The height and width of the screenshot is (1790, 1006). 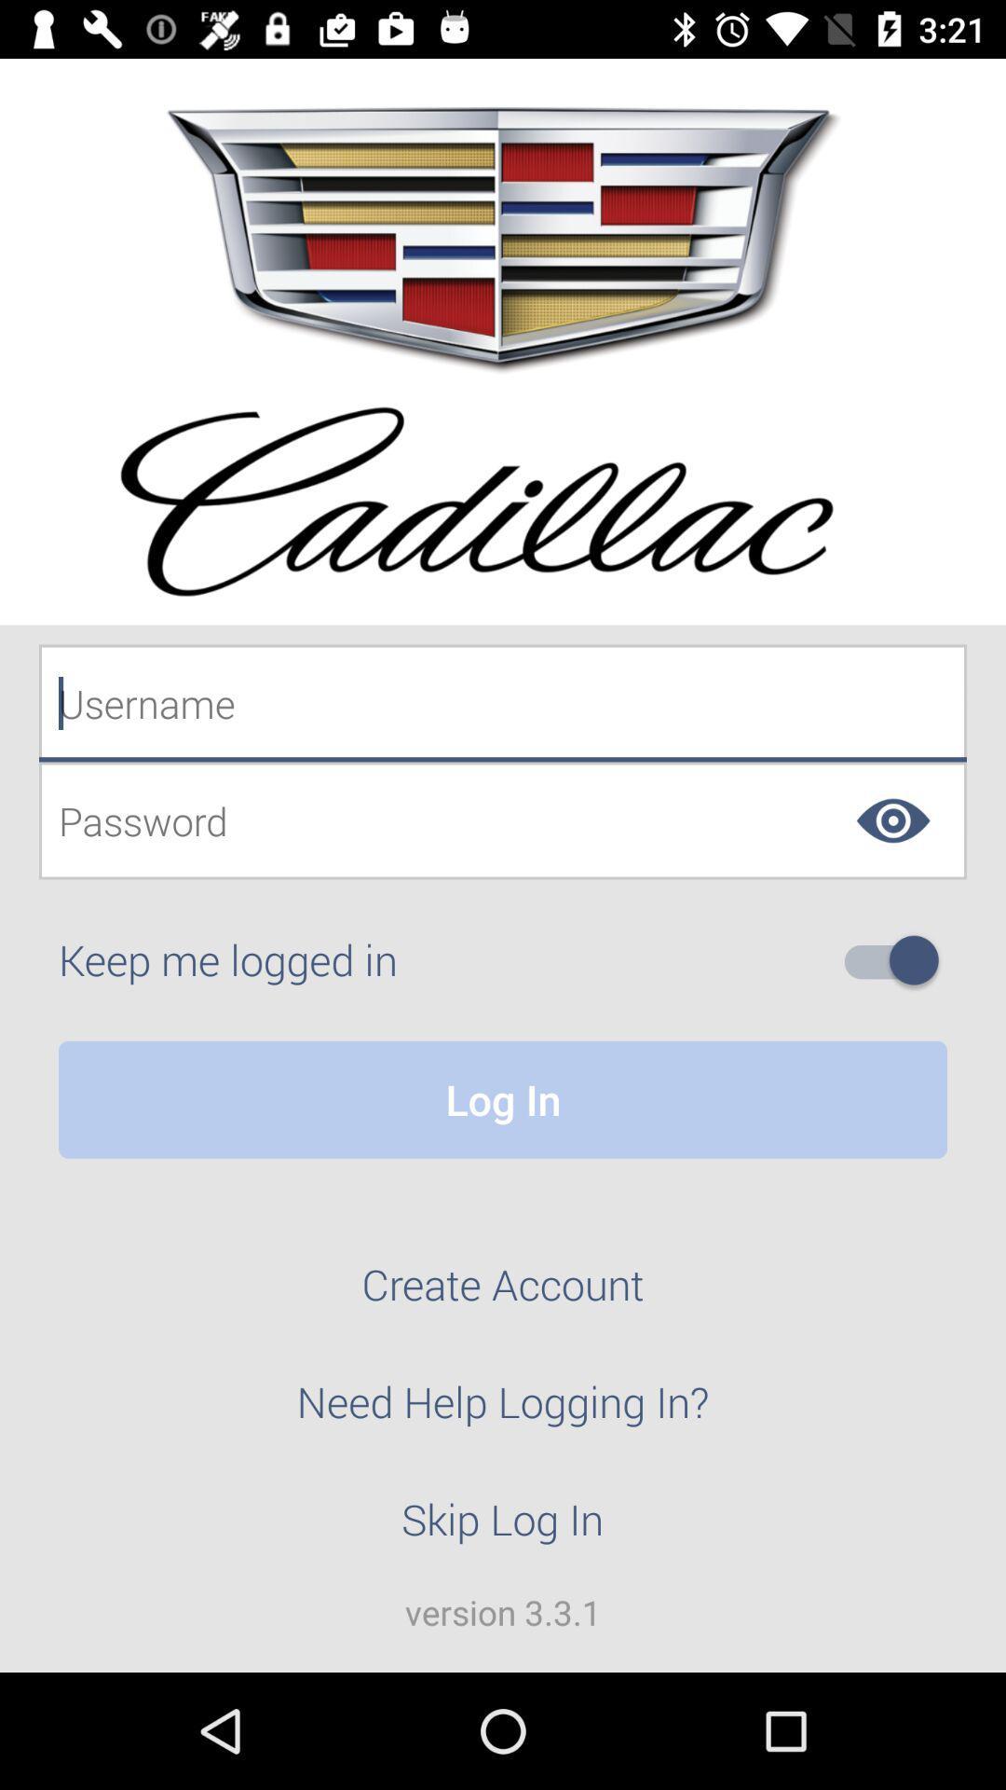 What do you see at coordinates (503, 1294) in the screenshot?
I see `the icon above need help logging icon` at bounding box center [503, 1294].